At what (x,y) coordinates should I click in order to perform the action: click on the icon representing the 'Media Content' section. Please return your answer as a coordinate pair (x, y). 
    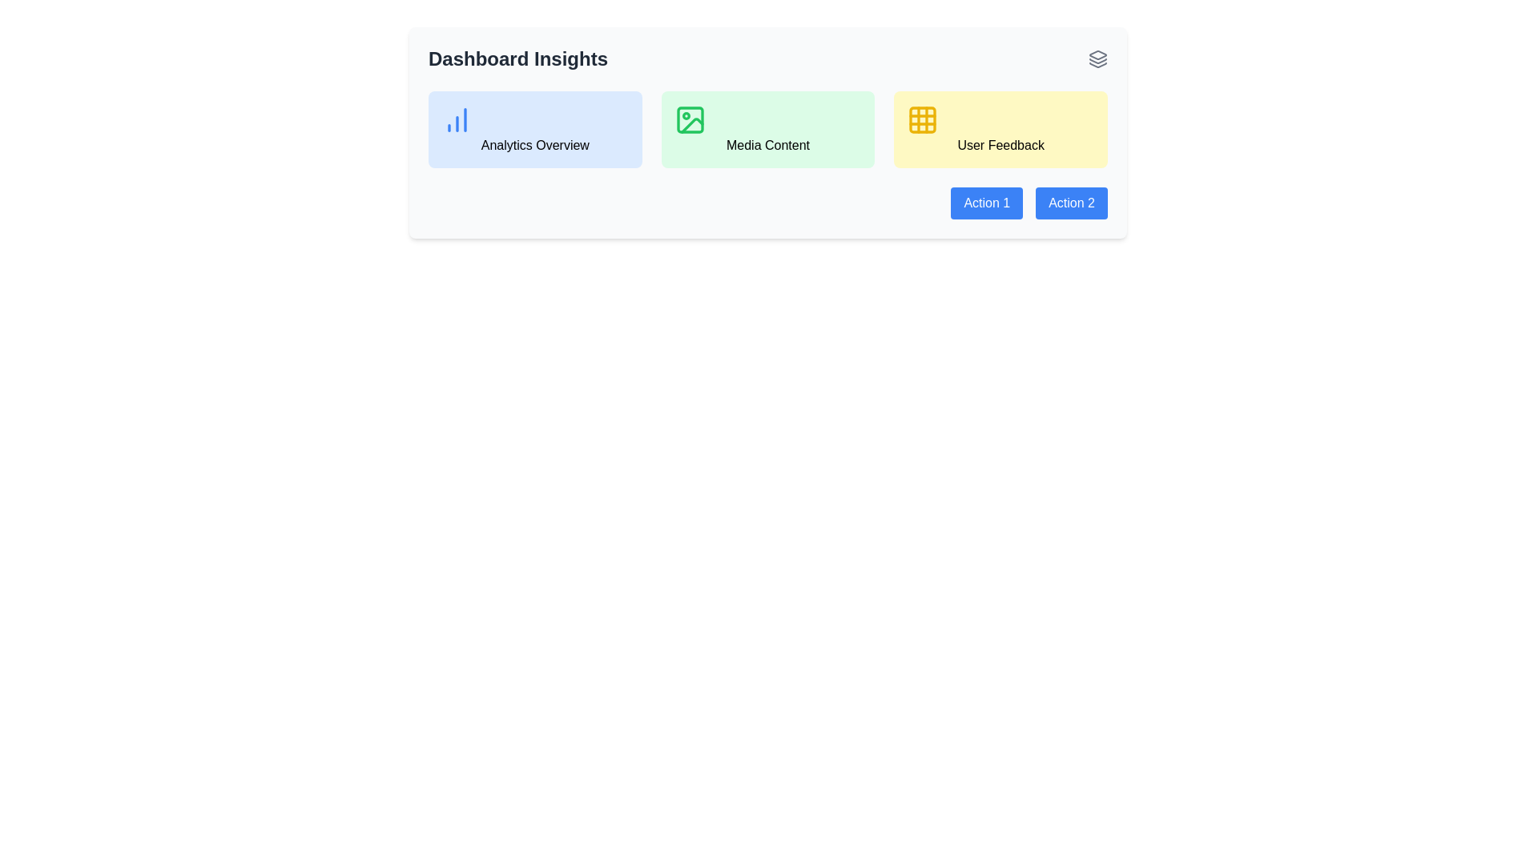
    Looking at the image, I should click on (690, 119).